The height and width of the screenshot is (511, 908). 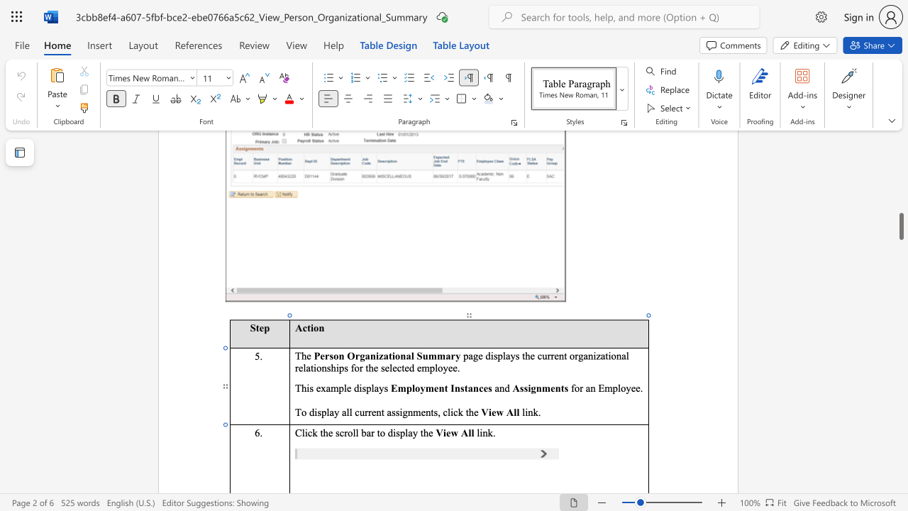 What do you see at coordinates (325, 388) in the screenshot?
I see `the space between the continuous character "x" and "a" in the text` at bounding box center [325, 388].